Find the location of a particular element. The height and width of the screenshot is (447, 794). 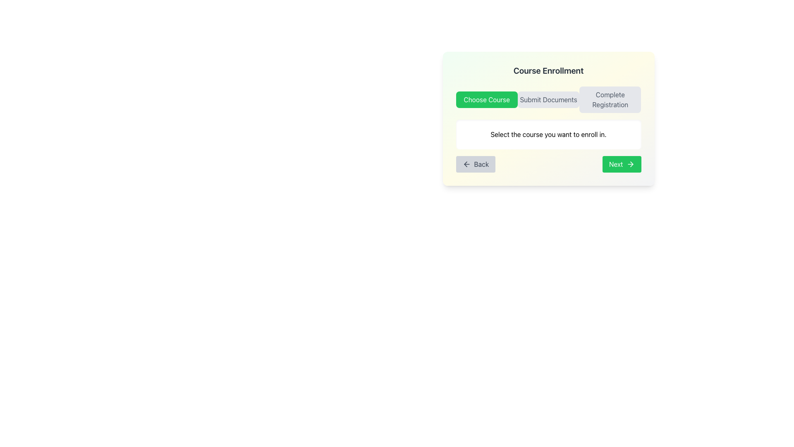

context of the left arrow icon located at the left side of the 'Back' button in the 'Course Enrollment' dialog box is located at coordinates (466, 164).